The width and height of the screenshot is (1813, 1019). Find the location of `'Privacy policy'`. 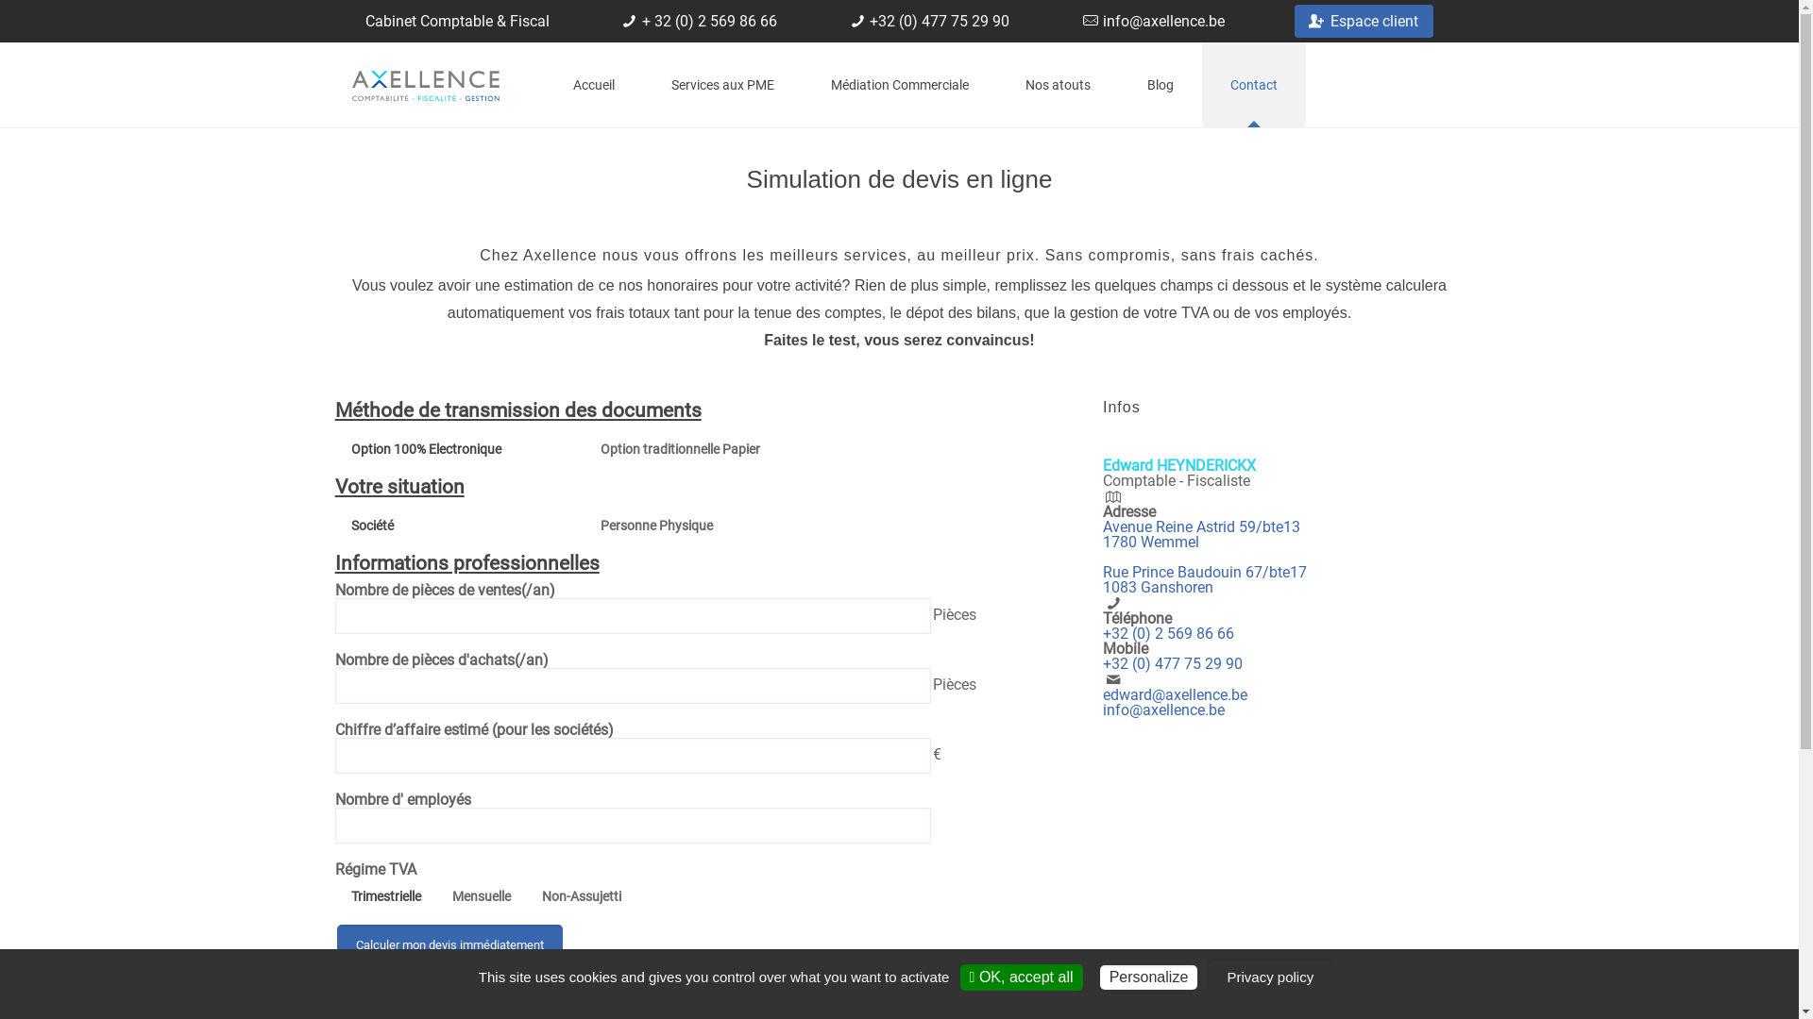

'Privacy policy' is located at coordinates (1269, 977).